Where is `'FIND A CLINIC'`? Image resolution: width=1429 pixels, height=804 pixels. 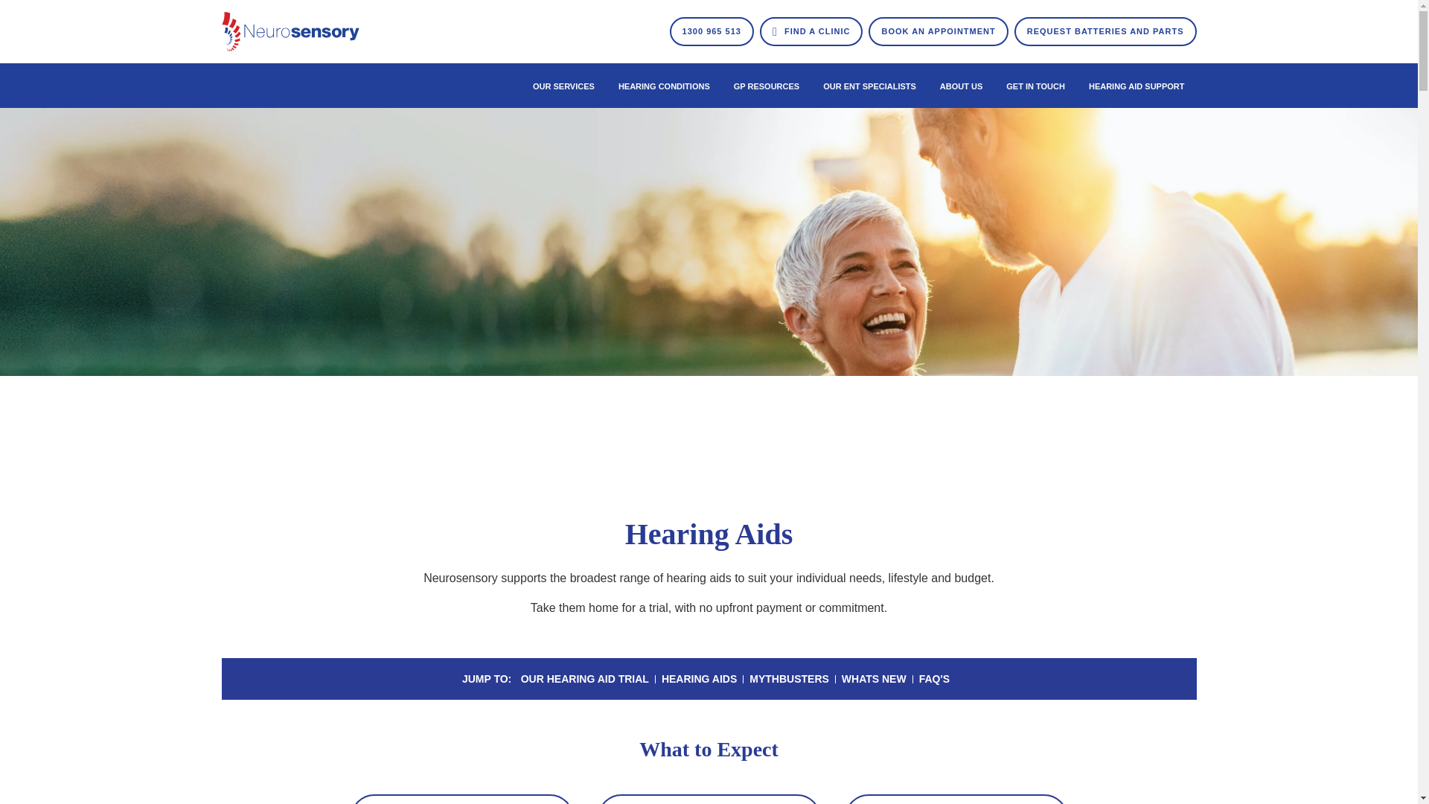
'FIND A CLINIC' is located at coordinates (811, 31).